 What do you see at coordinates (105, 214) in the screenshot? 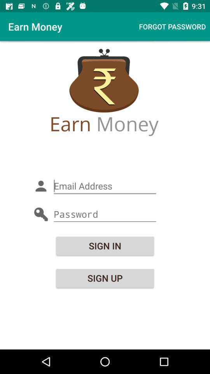
I see `type in passcode` at bounding box center [105, 214].